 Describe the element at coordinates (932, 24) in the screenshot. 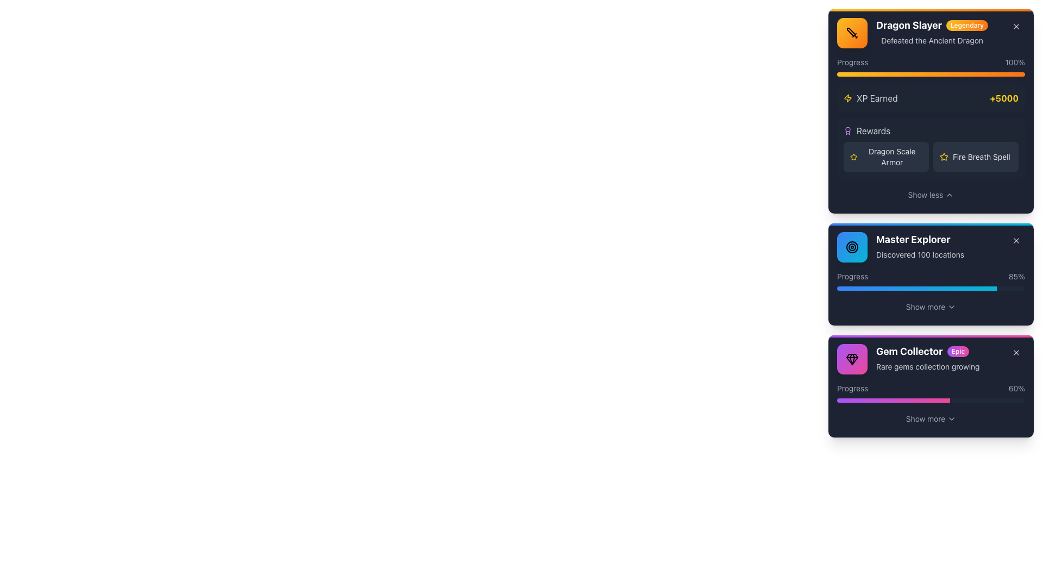

I see `the Label with badge for the achievement 'Dragon Slayer' that displays its rarity level 'Legendary', located at the top-left of the card` at that location.